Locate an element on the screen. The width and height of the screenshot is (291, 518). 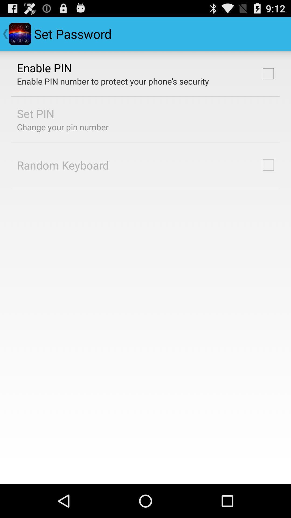
app below the enable pin number item is located at coordinates (36, 113).